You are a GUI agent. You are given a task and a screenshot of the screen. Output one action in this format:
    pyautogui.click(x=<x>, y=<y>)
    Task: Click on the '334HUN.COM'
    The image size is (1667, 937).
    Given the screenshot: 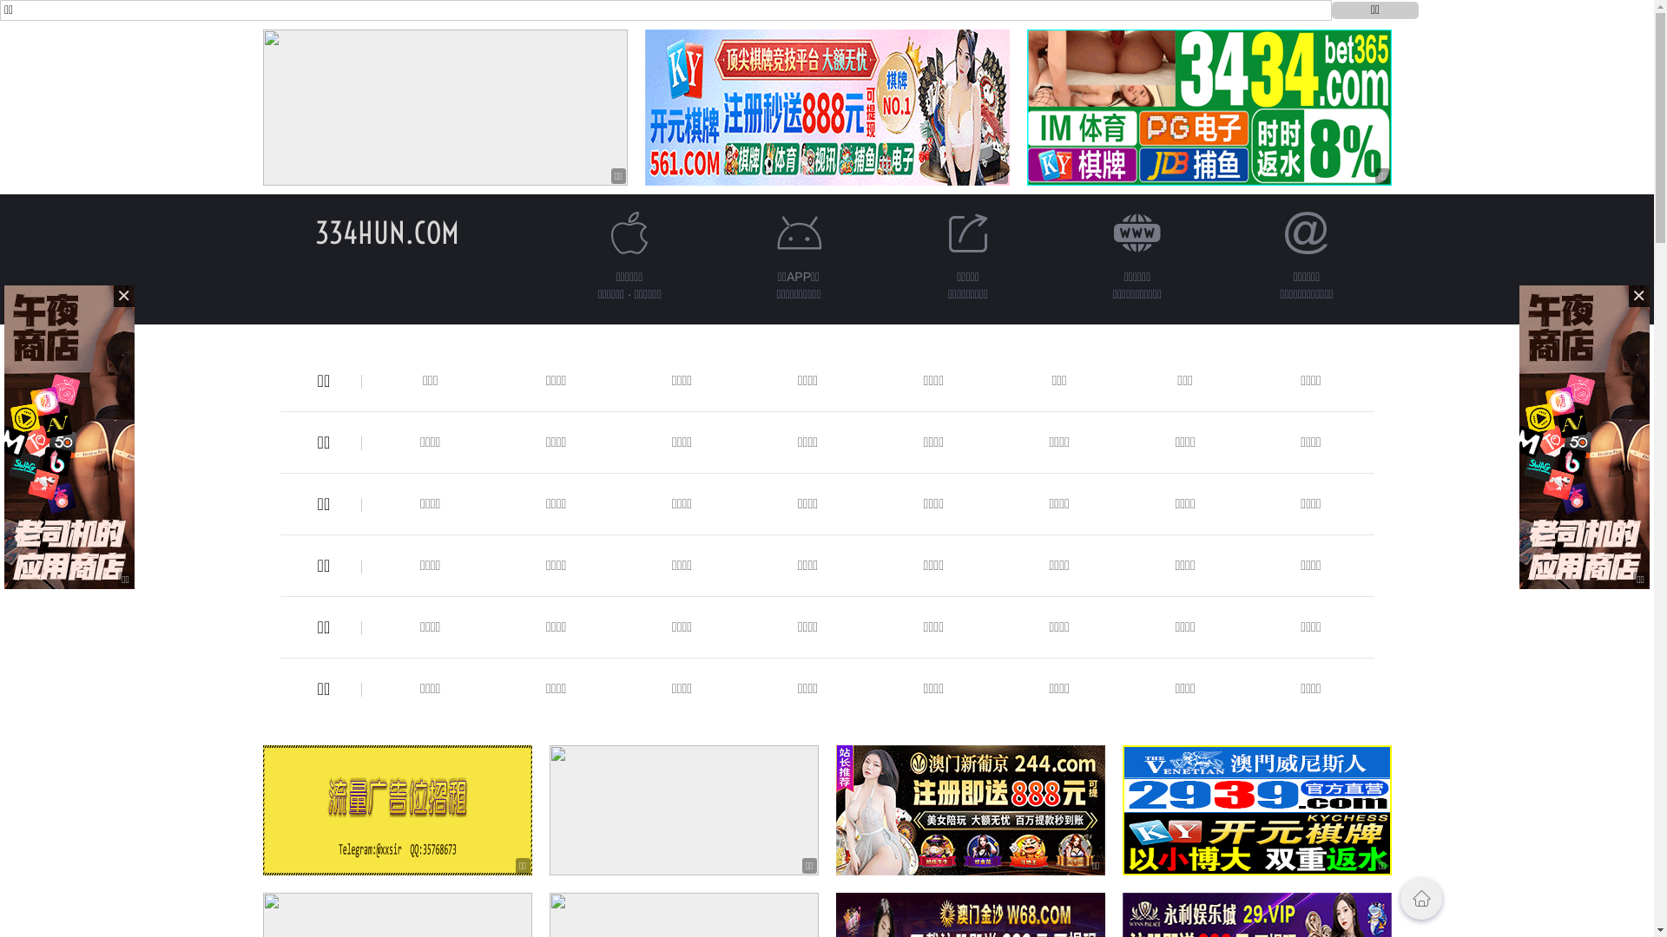 What is the action you would take?
    pyautogui.click(x=313, y=232)
    